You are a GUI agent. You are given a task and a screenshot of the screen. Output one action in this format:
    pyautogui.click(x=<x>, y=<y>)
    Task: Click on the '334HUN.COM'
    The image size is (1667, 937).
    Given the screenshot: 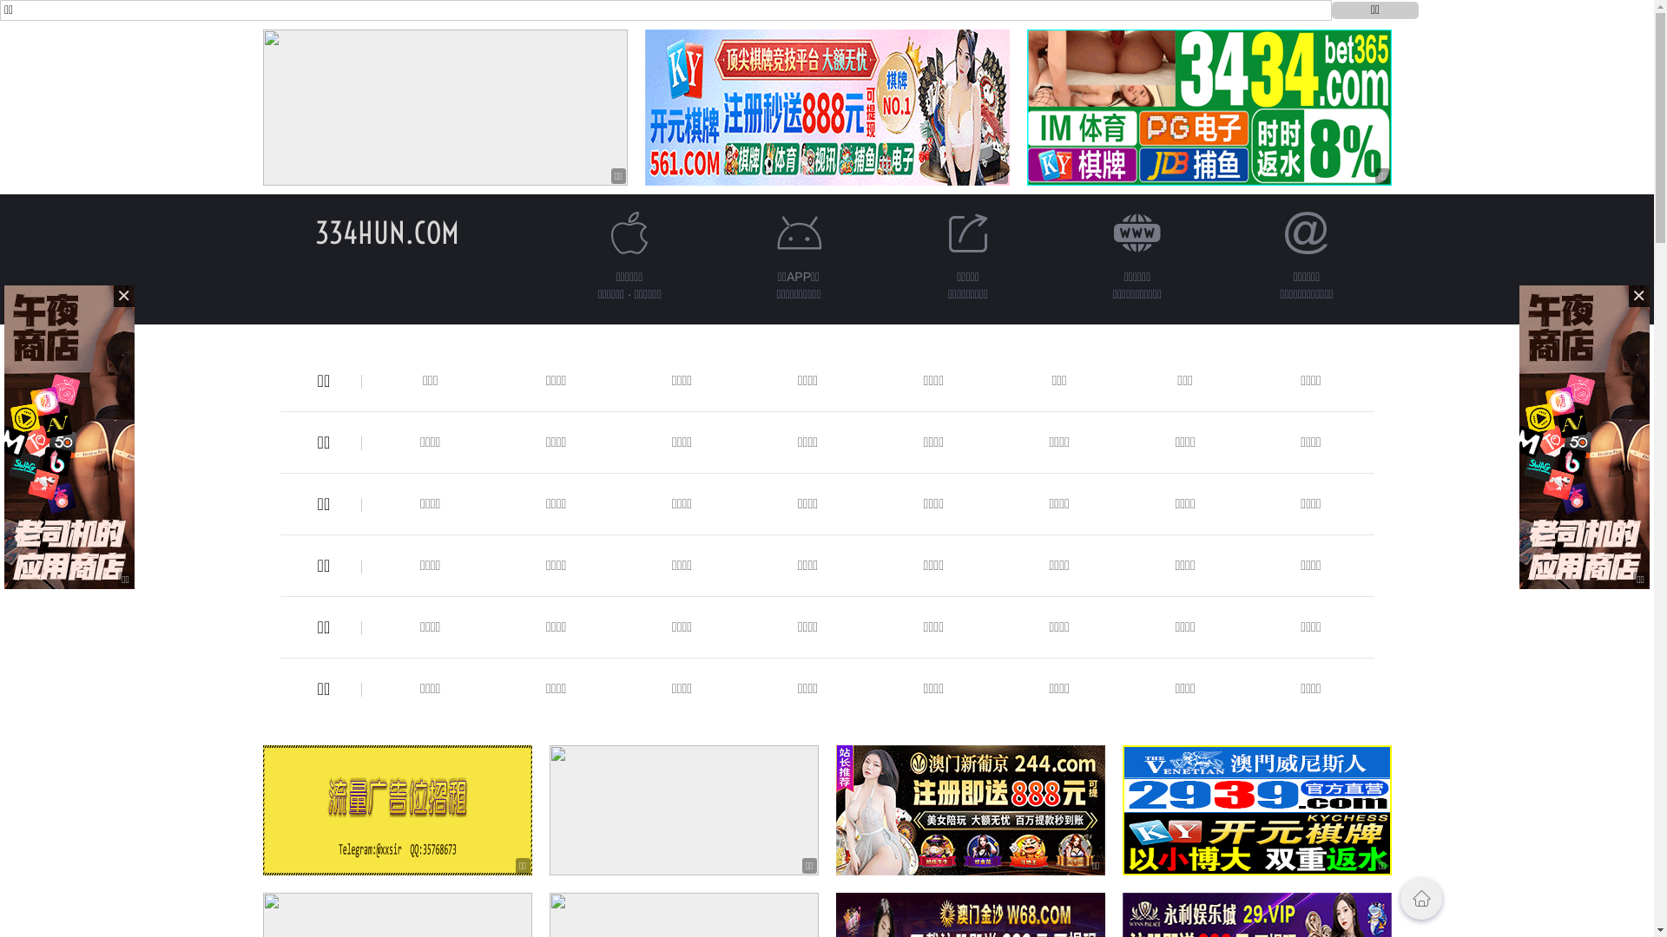 What is the action you would take?
    pyautogui.click(x=313, y=232)
    